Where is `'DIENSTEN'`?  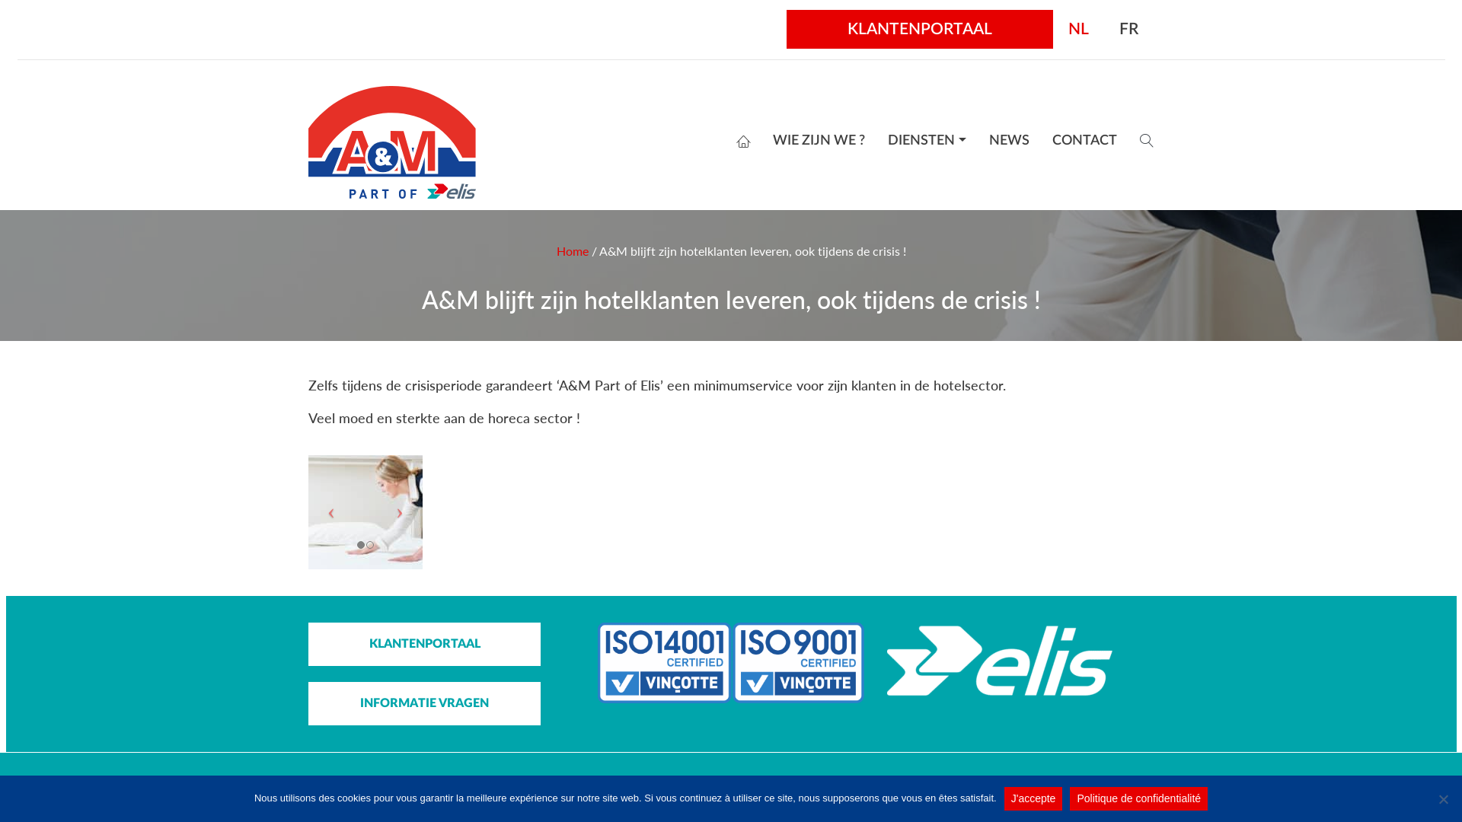
'DIENSTEN' is located at coordinates (926, 141).